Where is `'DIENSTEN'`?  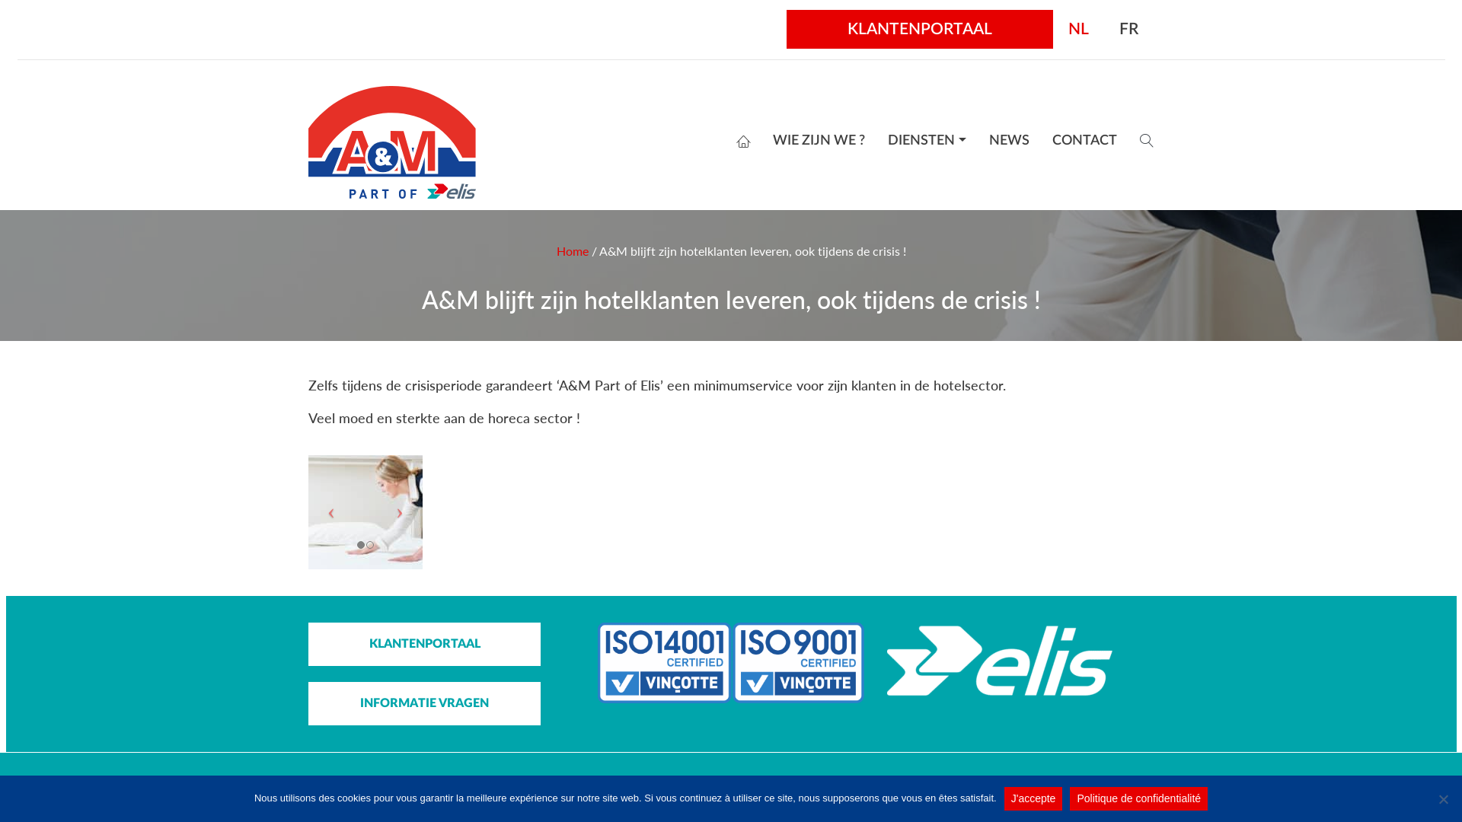
'DIENSTEN' is located at coordinates (926, 141).